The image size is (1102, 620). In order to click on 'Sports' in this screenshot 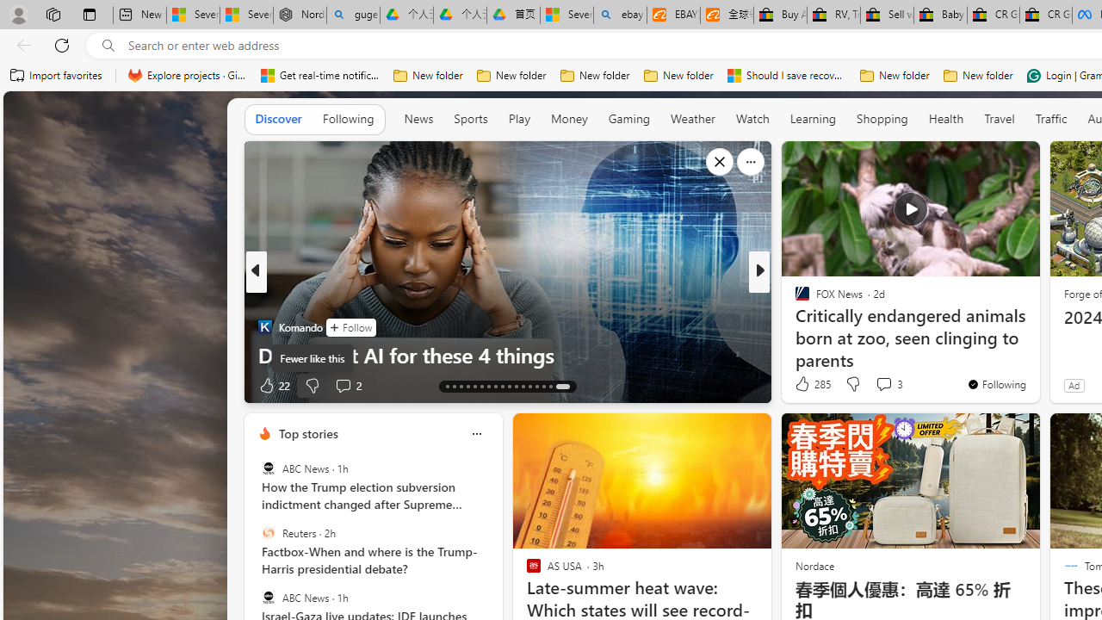, I will do `click(471, 117)`.